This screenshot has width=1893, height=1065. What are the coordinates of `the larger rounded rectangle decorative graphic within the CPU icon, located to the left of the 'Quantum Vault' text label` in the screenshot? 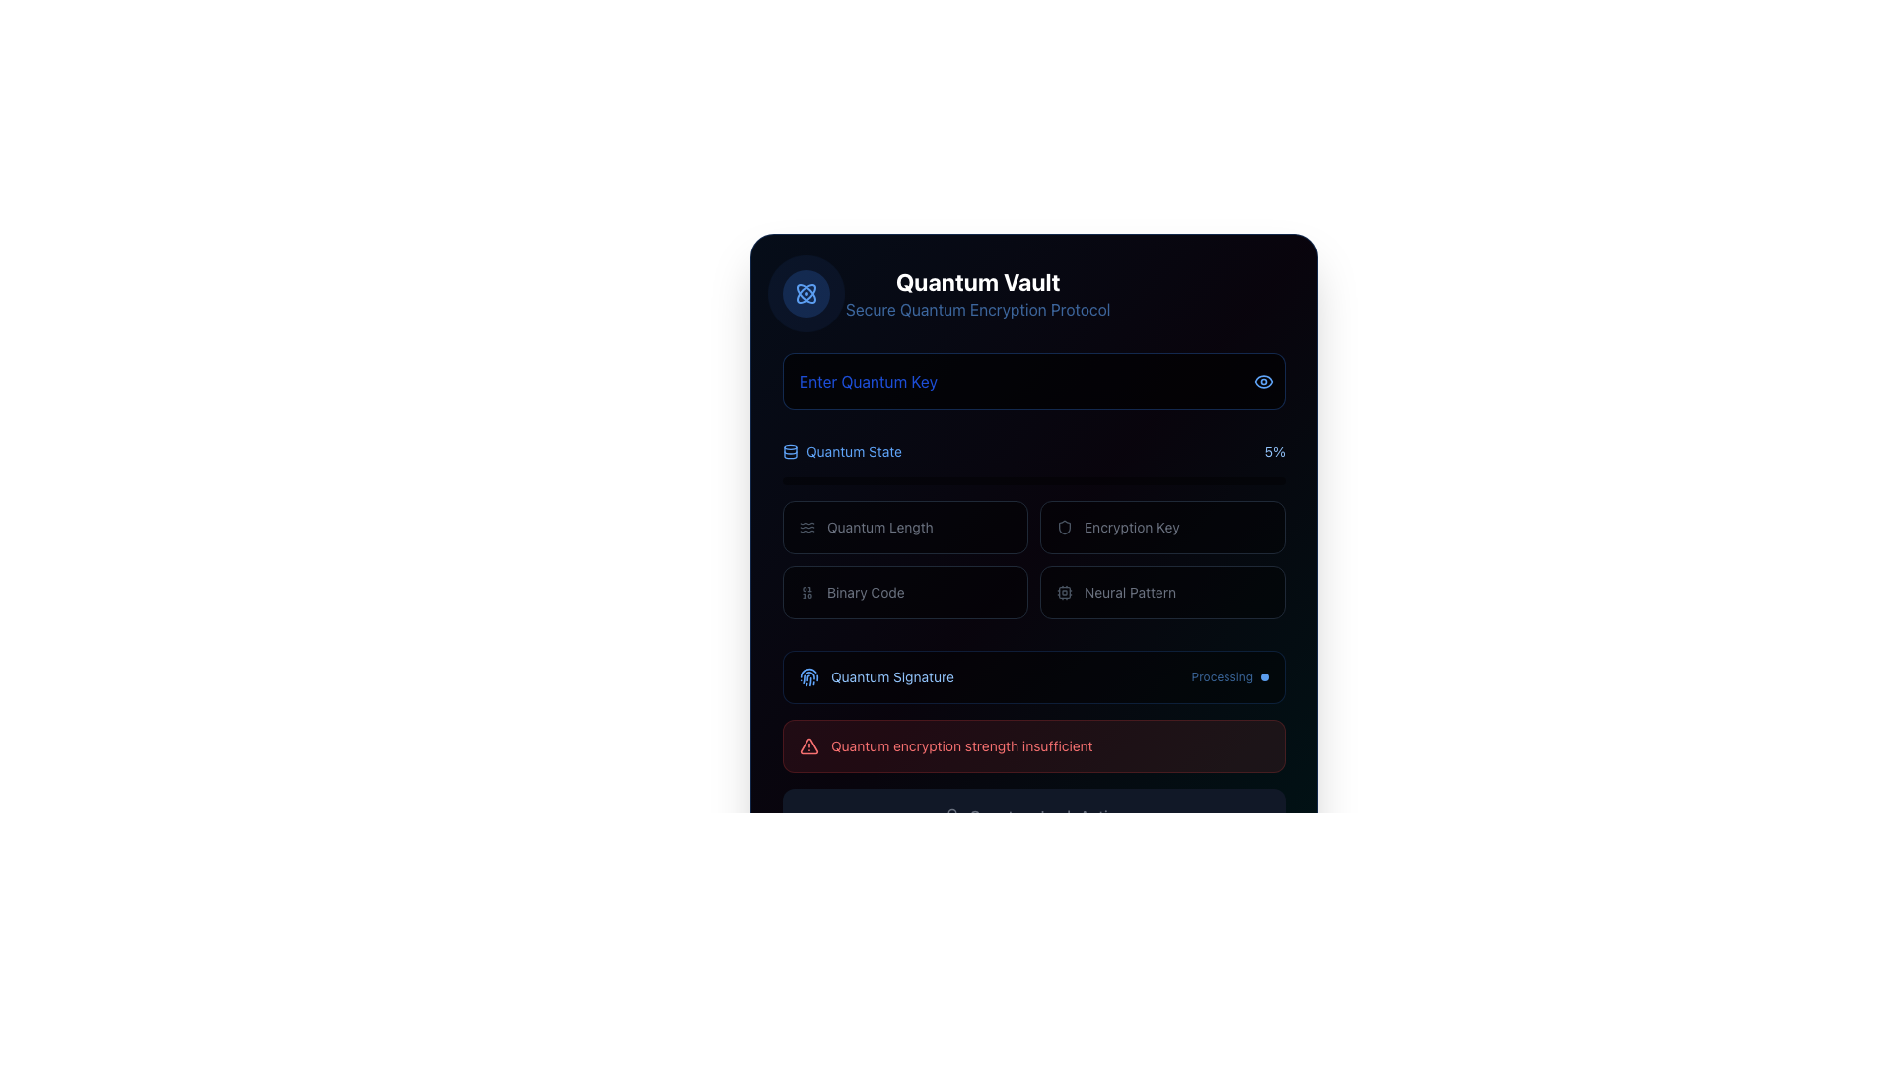 It's located at (1064, 592).